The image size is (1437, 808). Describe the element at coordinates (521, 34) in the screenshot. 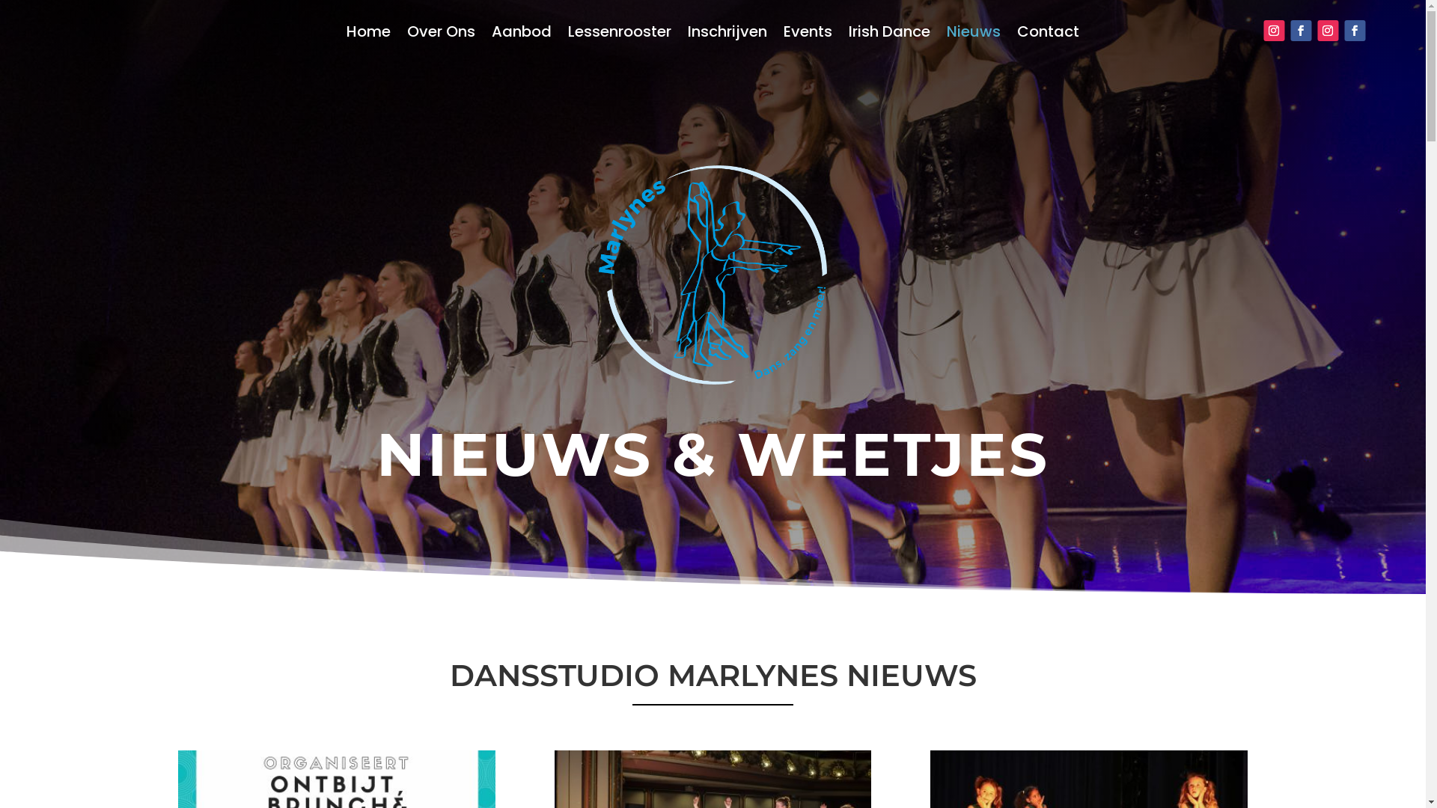

I see `'Aanbod'` at that location.